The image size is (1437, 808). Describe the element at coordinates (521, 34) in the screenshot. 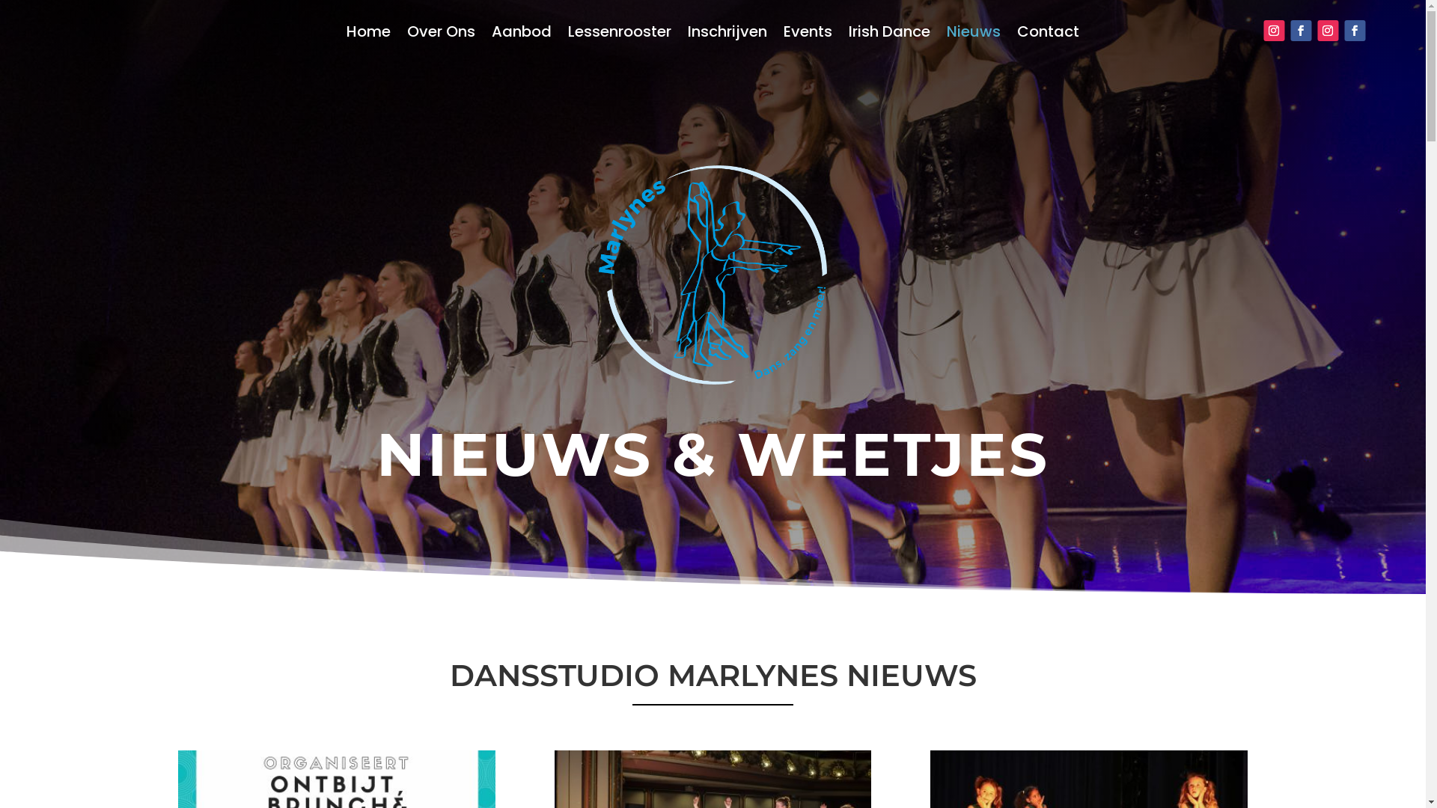

I see `'Aanbod'` at that location.